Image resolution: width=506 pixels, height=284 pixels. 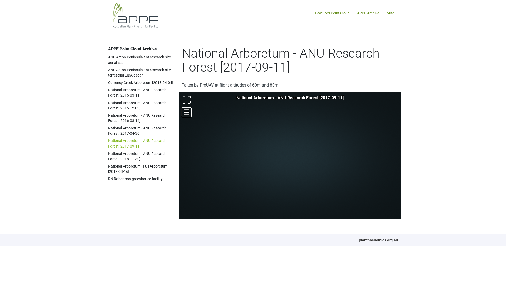 What do you see at coordinates (359, 240) in the screenshot?
I see `'plantphenomics.org.au'` at bounding box center [359, 240].